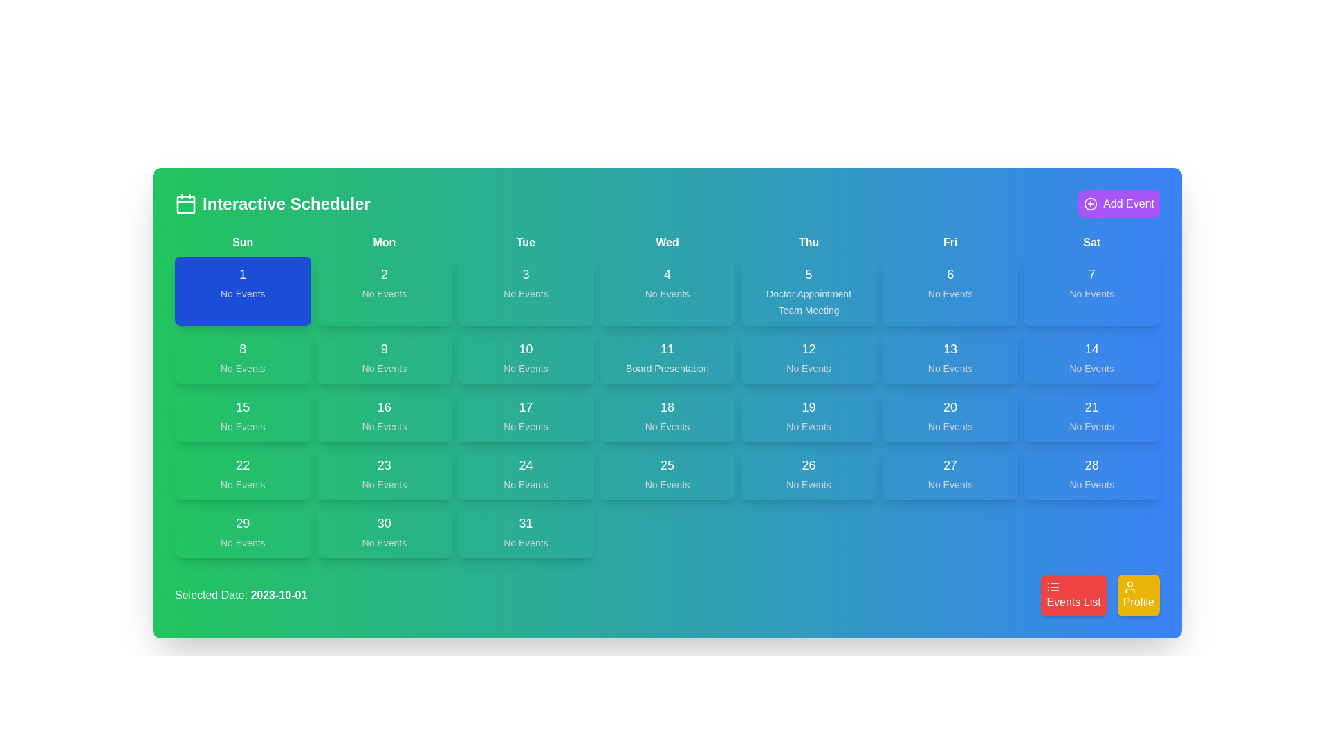  Describe the element at coordinates (809, 293) in the screenshot. I see `displayed text 'Doctor Appointment' from the textual label located in the Thursday section of the calendar grid, positioned above the 'Team Meeting' label` at that location.